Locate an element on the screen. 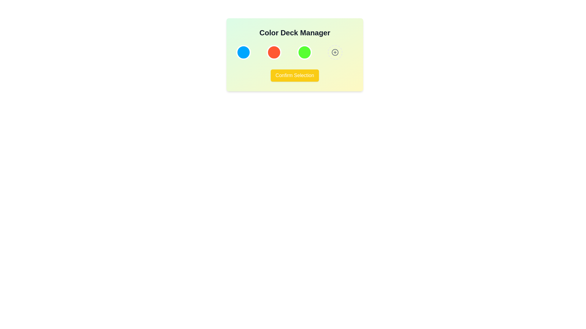  the rectangular yellow button labeled 'Confirm Selection' to confirm the selection is located at coordinates (295, 75).